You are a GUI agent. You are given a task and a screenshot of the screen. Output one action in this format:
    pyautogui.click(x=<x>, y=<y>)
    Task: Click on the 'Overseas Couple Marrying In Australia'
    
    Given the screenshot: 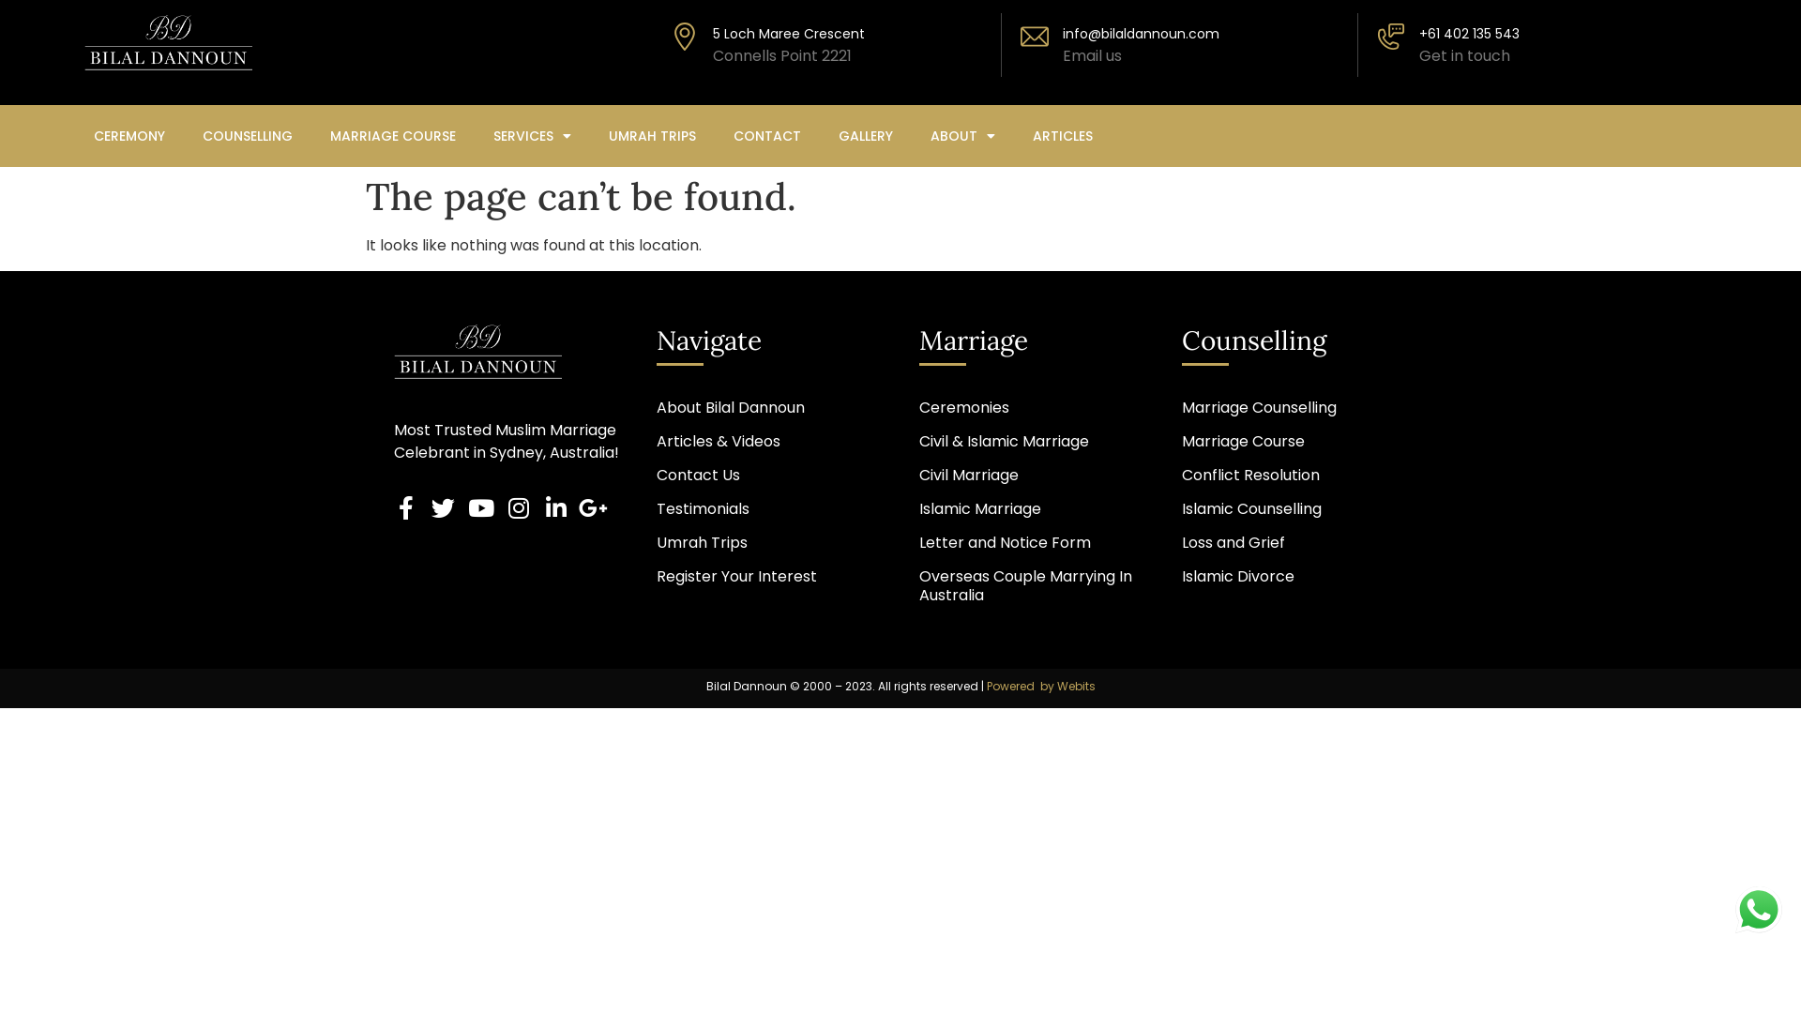 What is the action you would take?
    pyautogui.click(x=918, y=584)
    